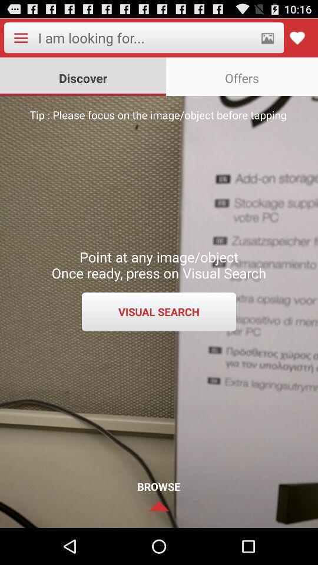 This screenshot has width=318, height=565. I want to click on the menu icon, so click(21, 40).